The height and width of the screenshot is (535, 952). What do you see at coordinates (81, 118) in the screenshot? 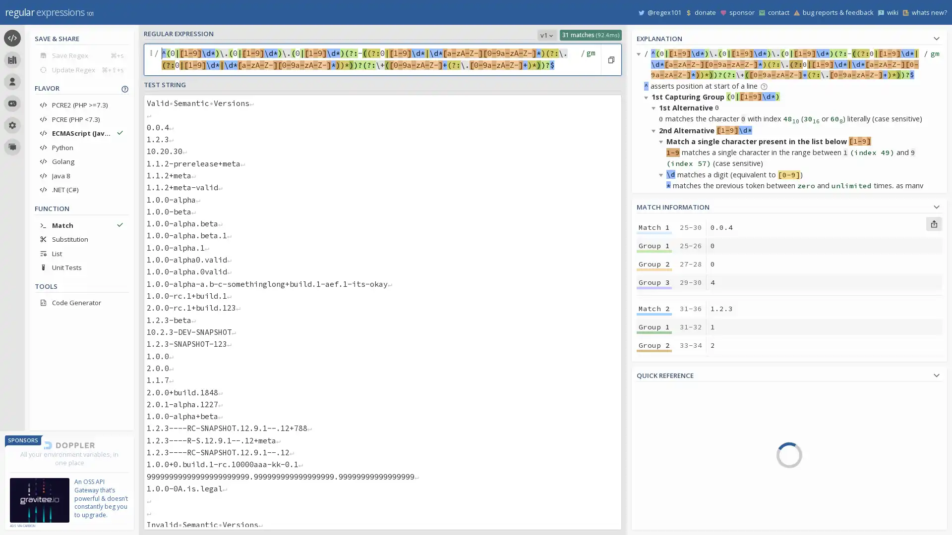
I see `PCRE (PHP <7.3)` at bounding box center [81, 118].